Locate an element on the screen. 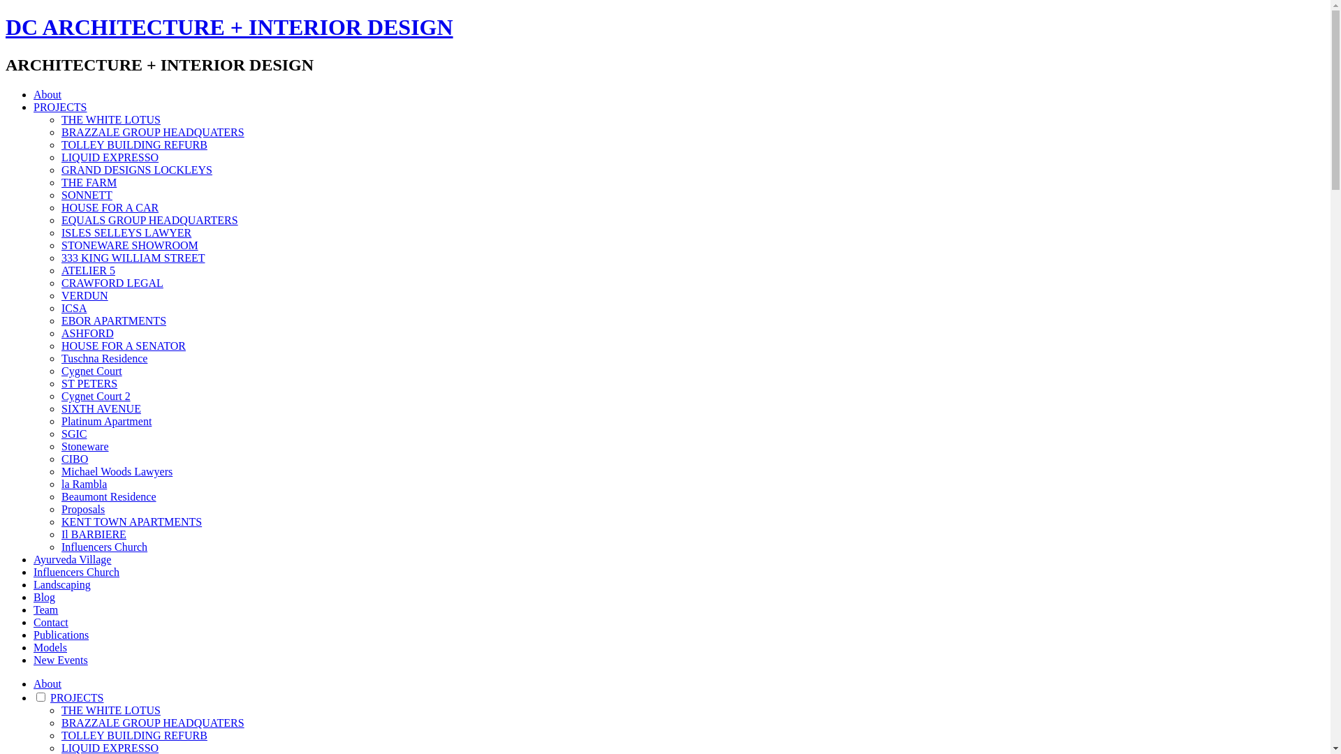 The image size is (1341, 754). 'HOUSE FOR A CAR' is located at coordinates (109, 207).